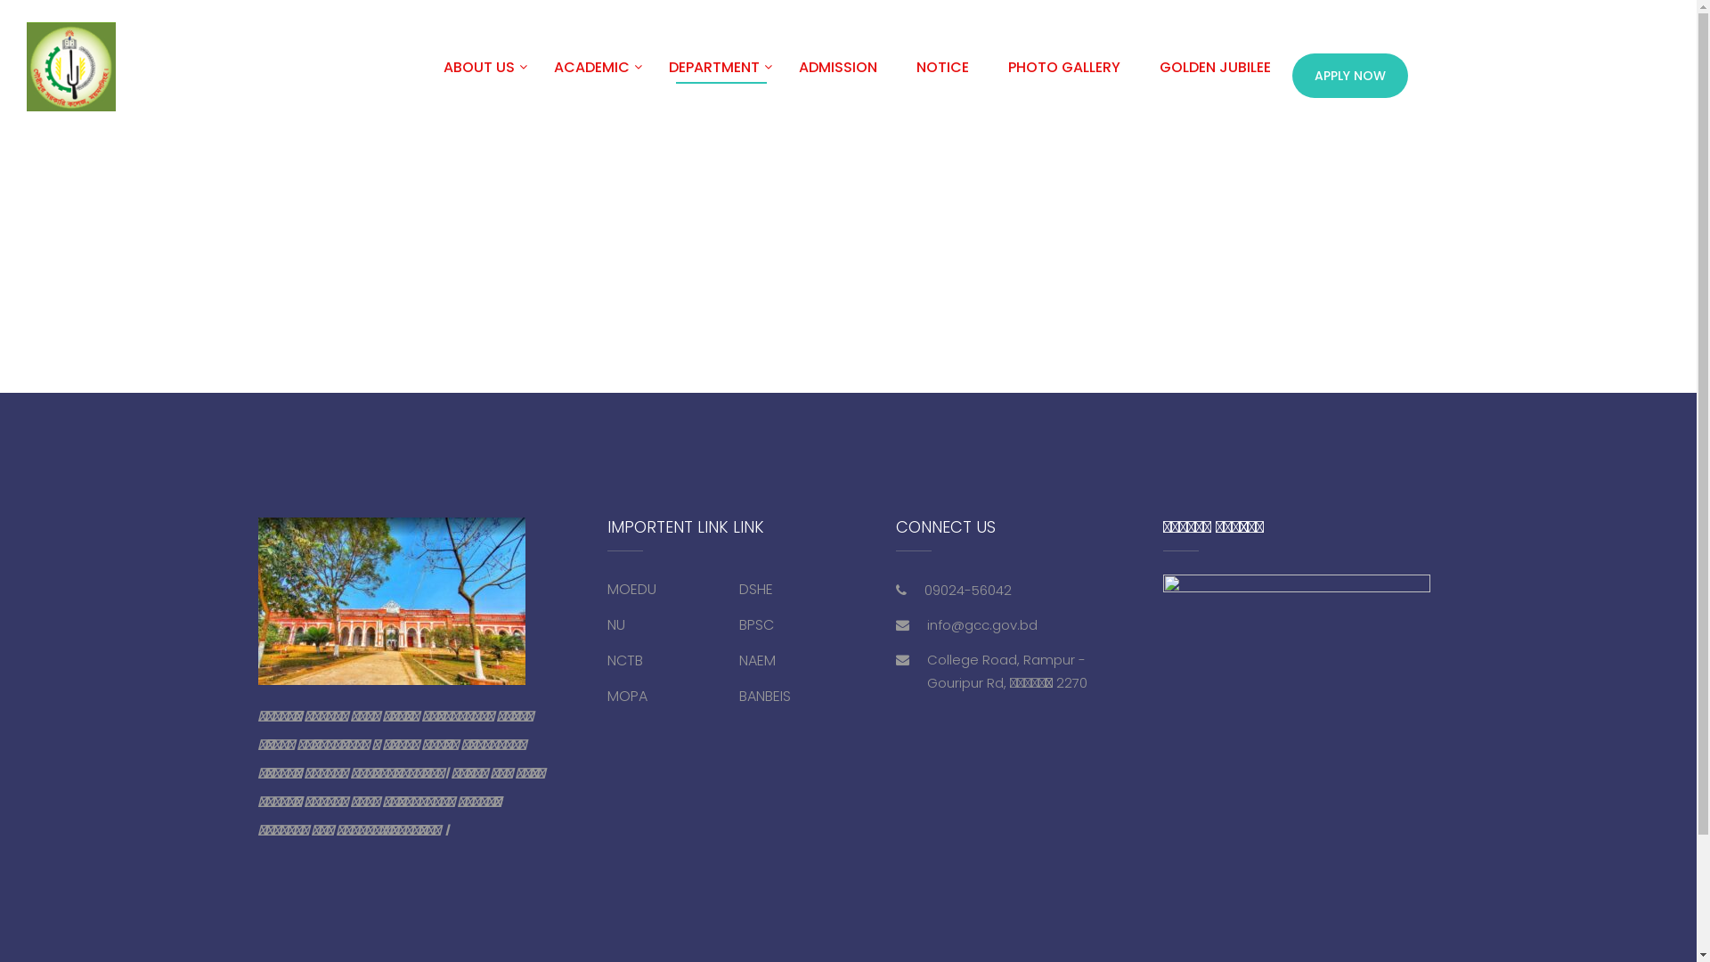  What do you see at coordinates (756, 589) in the screenshot?
I see `'DSHE'` at bounding box center [756, 589].